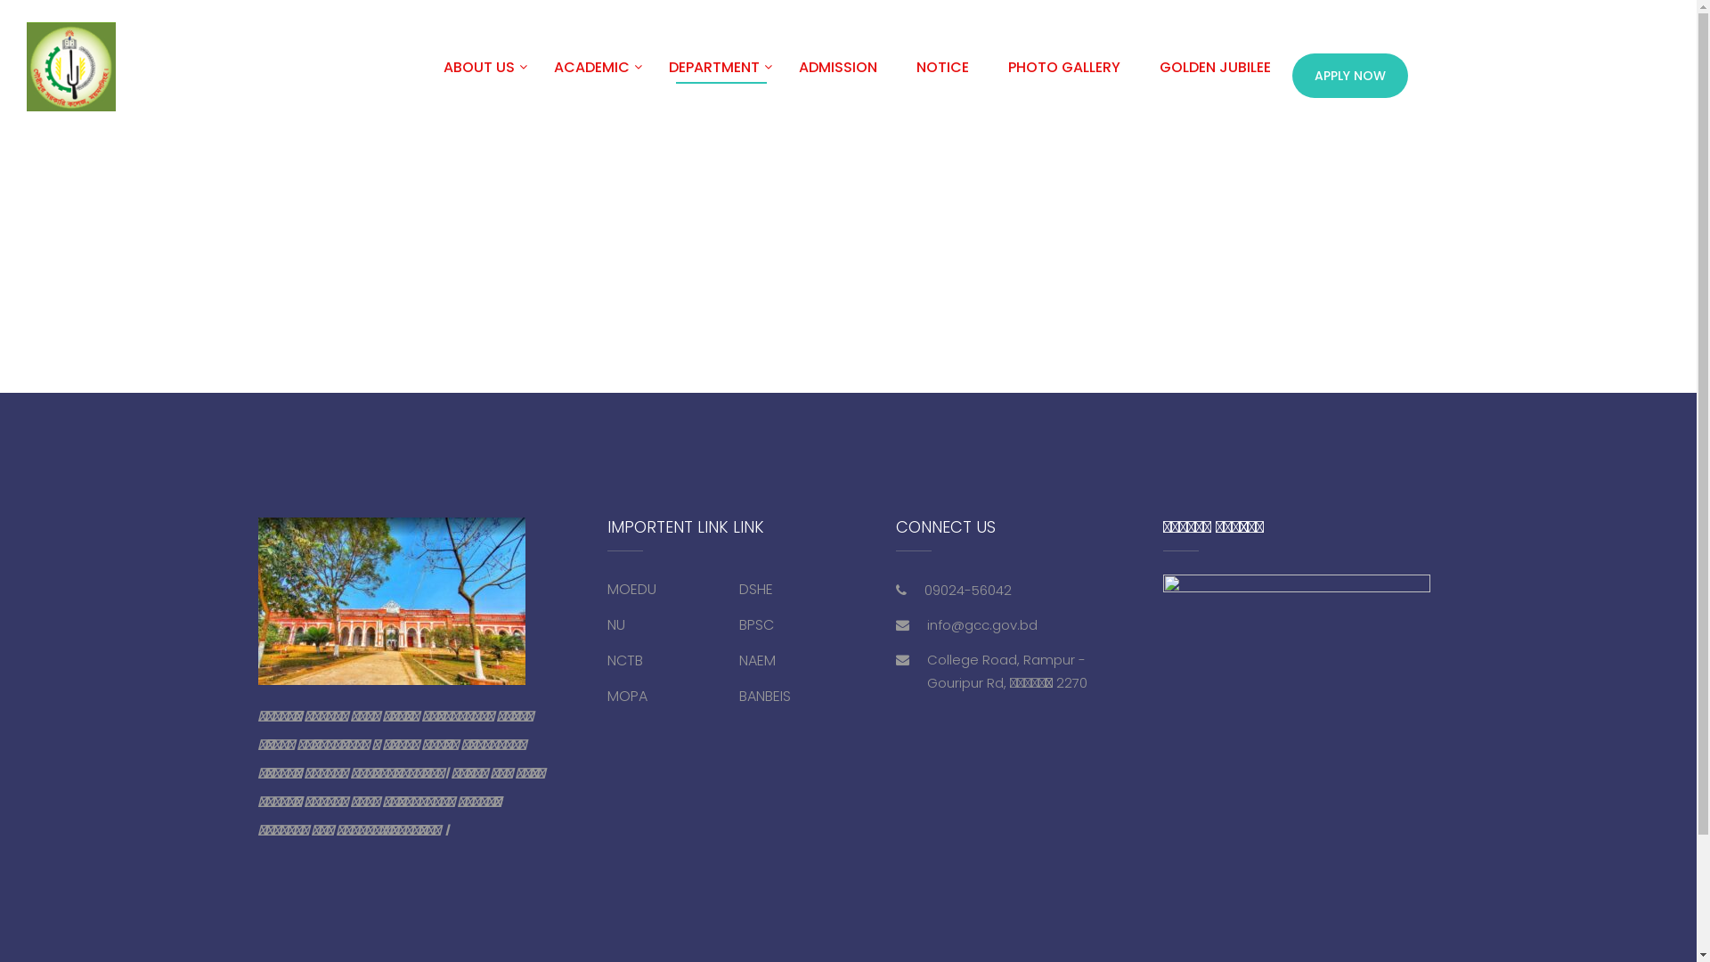  What do you see at coordinates (756, 589) in the screenshot?
I see `'DSHE'` at bounding box center [756, 589].